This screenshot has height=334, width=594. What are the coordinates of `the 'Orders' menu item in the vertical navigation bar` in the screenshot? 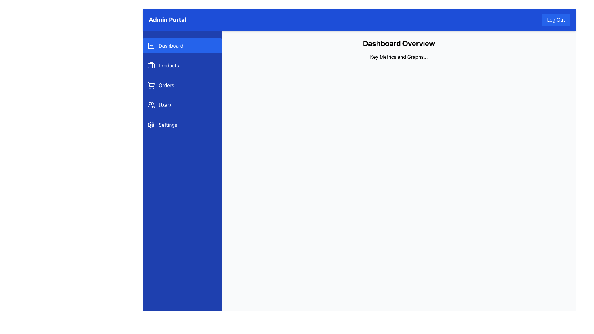 It's located at (182, 85).